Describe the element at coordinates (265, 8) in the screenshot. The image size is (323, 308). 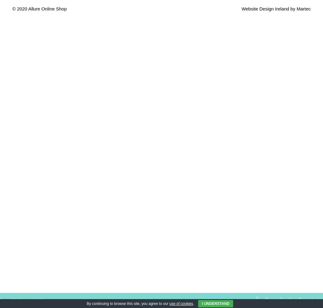
I see `'Website Design Ireland'` at that location.